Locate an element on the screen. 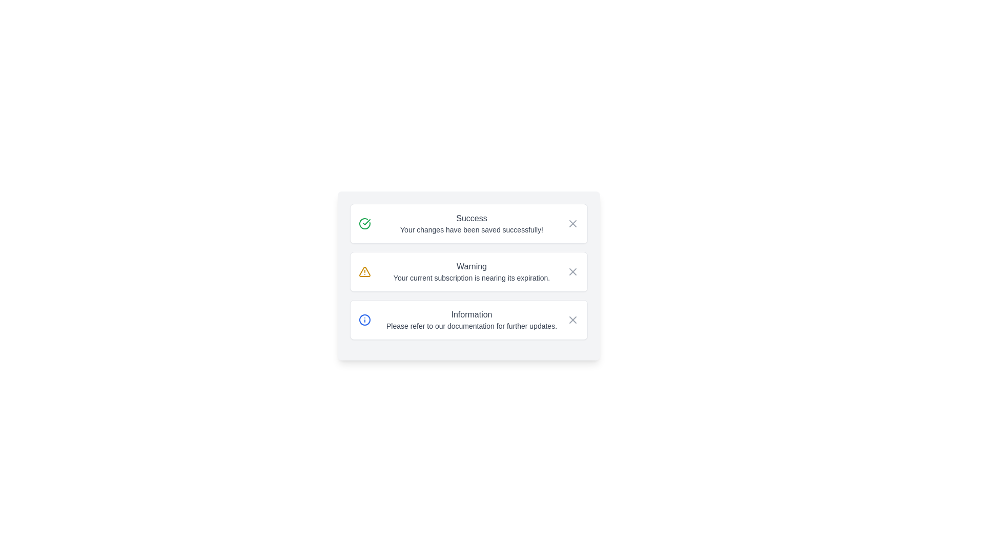 The height and width of the screenshot is (553, 984). the gray 'X' icon button located in the top-right corner of the notification card is located at coordinates (572, 271).